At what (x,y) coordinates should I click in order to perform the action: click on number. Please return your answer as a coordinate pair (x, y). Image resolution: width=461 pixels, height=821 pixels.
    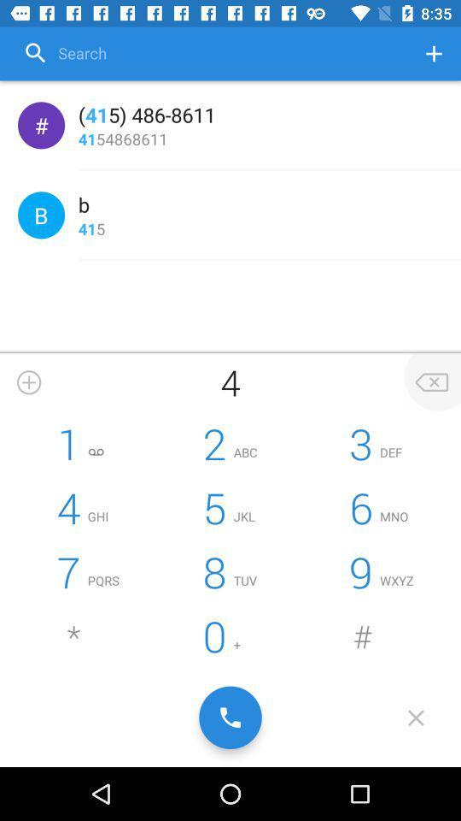
    Looking at the image, I should click on (434, 53).